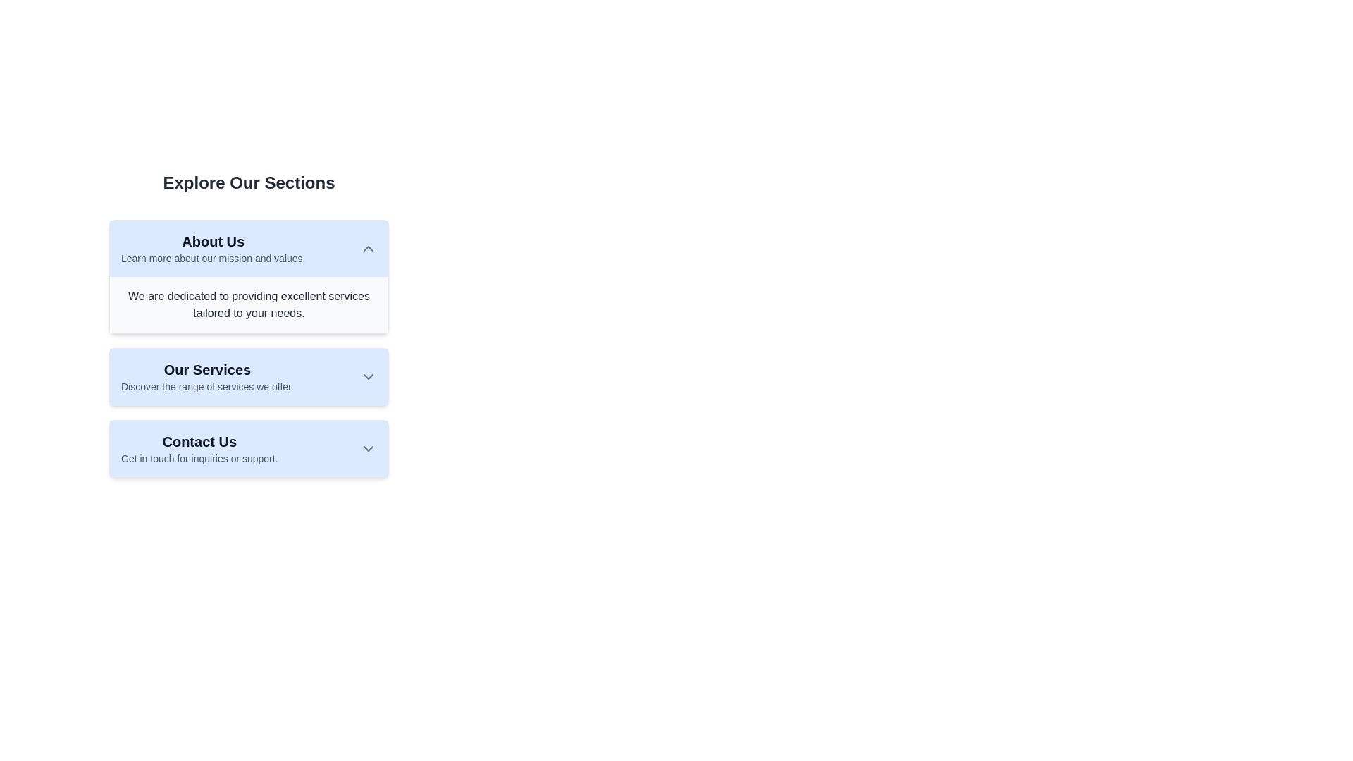  Describe the element at coordinates (249, 376) in the screenshot. I see `the Expandable section header located between 'About Us' and 'Contact Us' in the vertical list` at that location.